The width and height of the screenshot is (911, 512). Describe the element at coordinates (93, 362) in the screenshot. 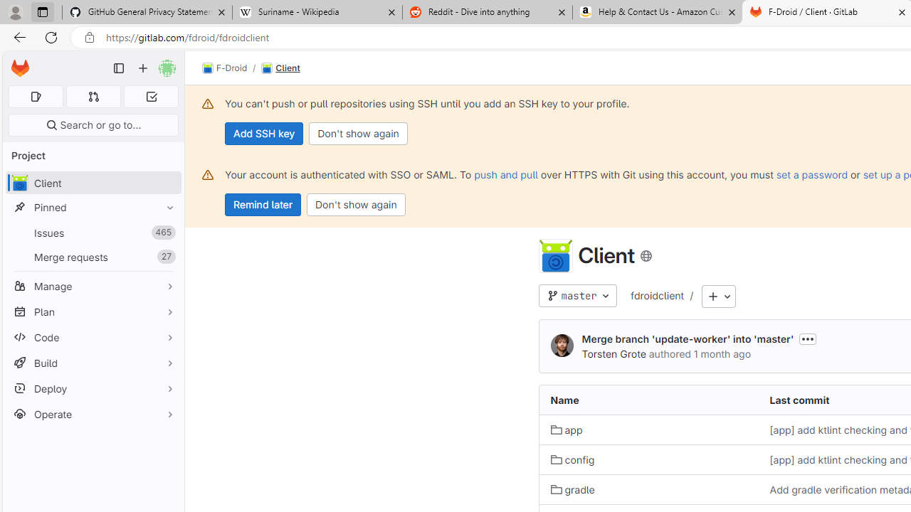

I see `'Build'` at that location.